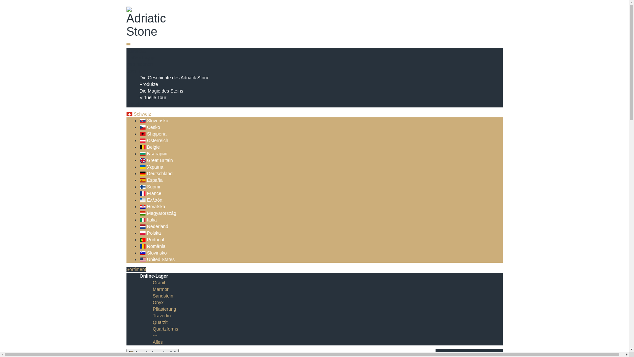 Image resolution: width=634 pixels, height=357 pixels. I want to click on ' Nederland', so click(153, 226).